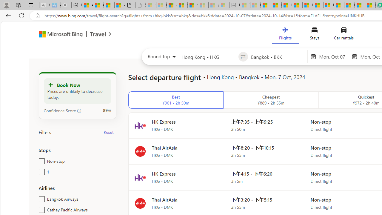 The width and height of the screenshot is (382, 215). Describe the element at coordinates (58, 35) in the screenshot. I see `'Microsoft Bing'` at that location.